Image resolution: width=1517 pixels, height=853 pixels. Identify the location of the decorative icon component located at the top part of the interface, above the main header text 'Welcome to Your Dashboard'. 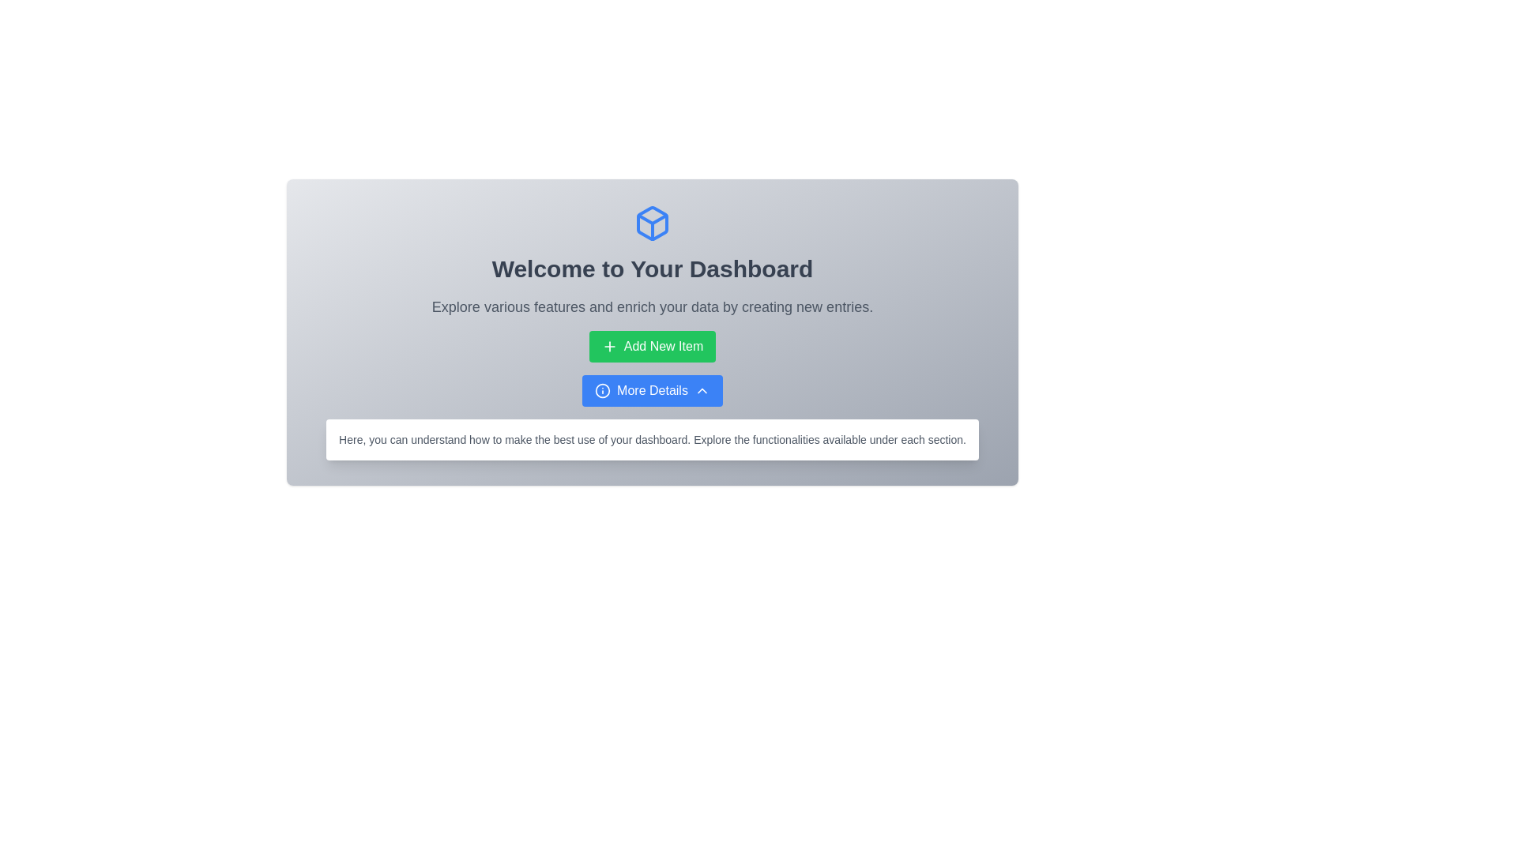
(652, 219).